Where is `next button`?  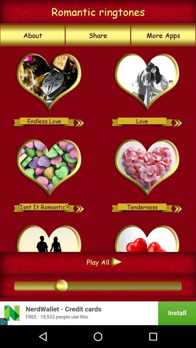
next button is located at coordinates (79, 121).